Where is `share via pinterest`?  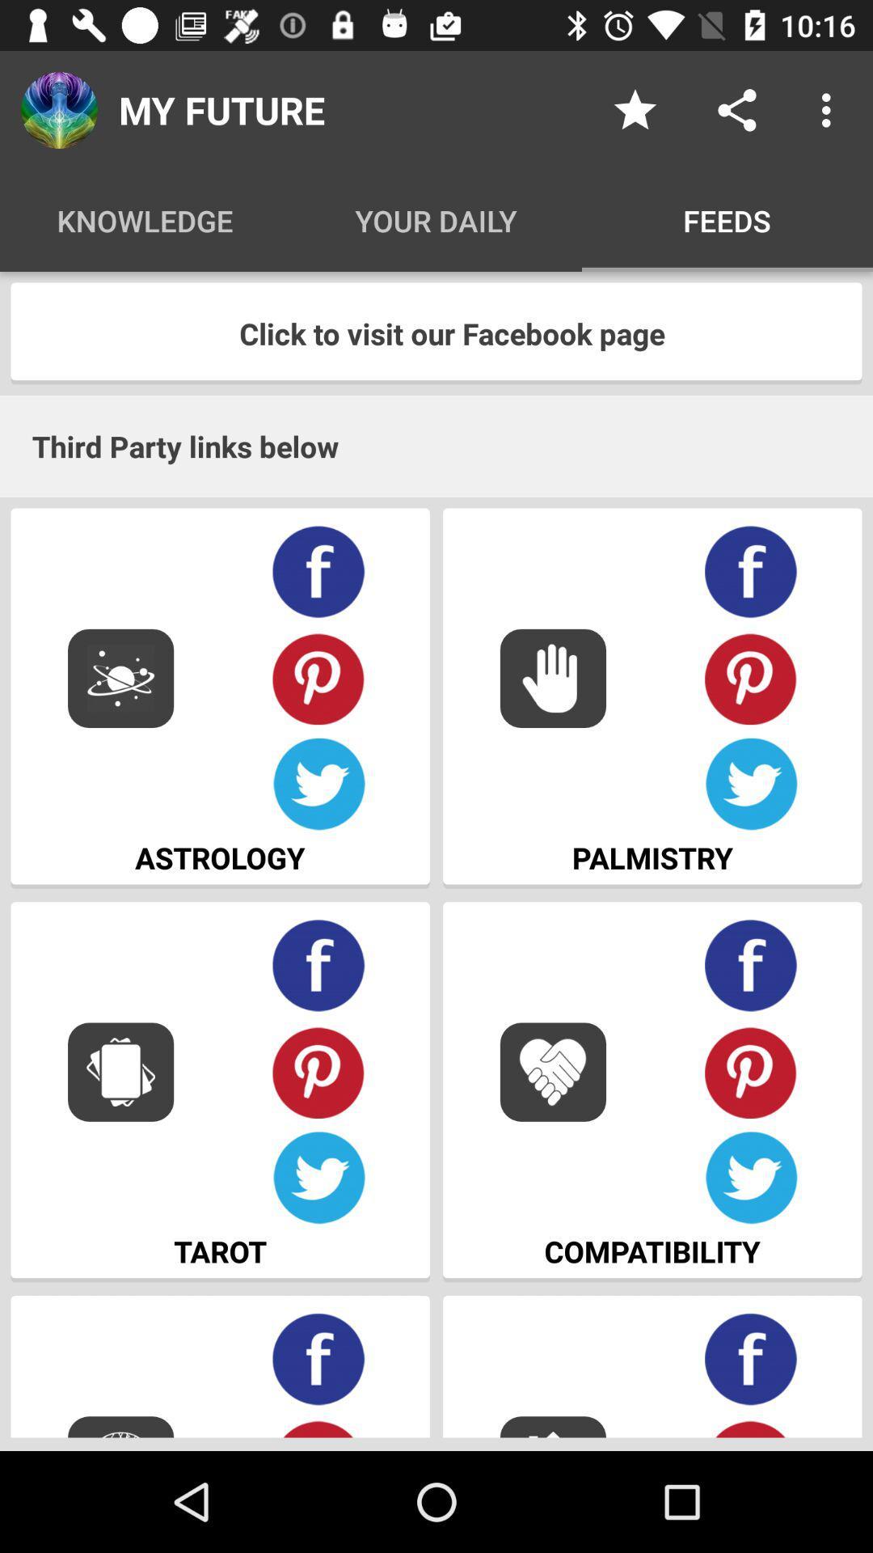
share via pinterest is located at coordinates (751, 1427).